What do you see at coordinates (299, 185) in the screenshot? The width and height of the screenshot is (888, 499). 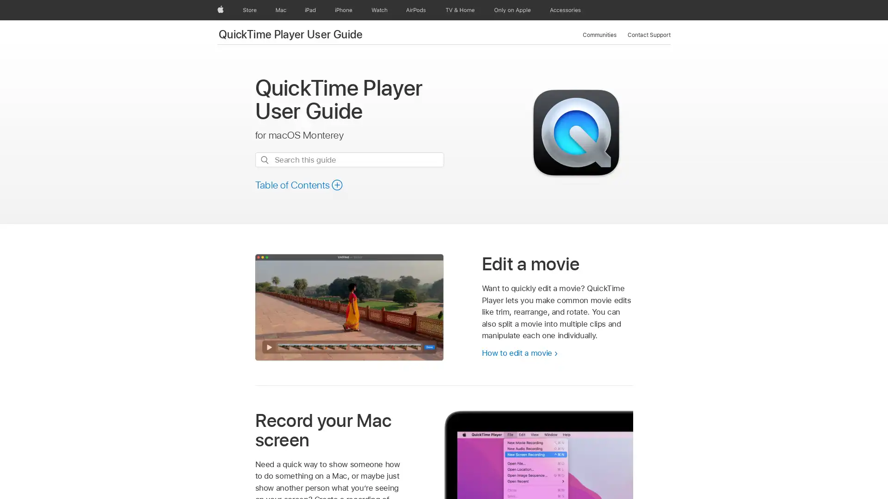 I see `Table of Contents` at bounding box center [299, 185].